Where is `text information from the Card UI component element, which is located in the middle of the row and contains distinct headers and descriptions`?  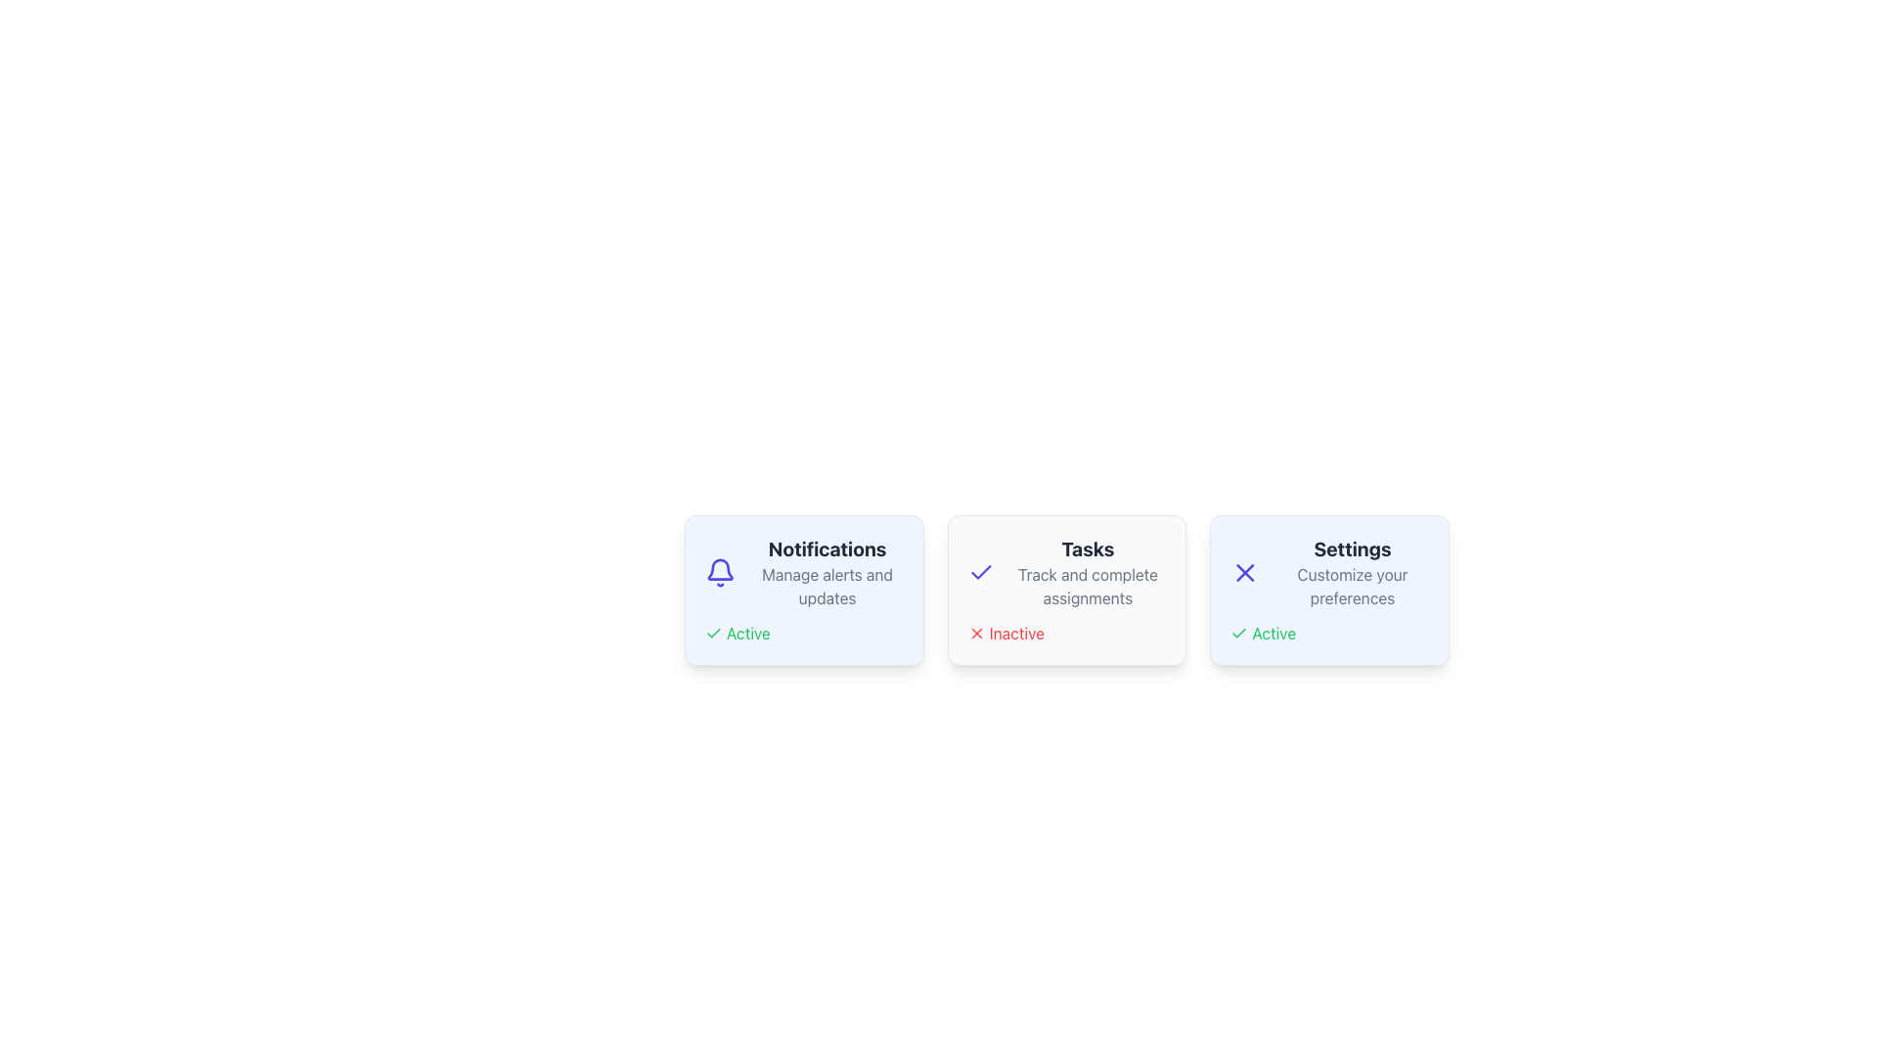 text information from the Card UI component element, which is located in the middle of the row and contains distinct headers and descriptions is located at coordinates (1065, 590).